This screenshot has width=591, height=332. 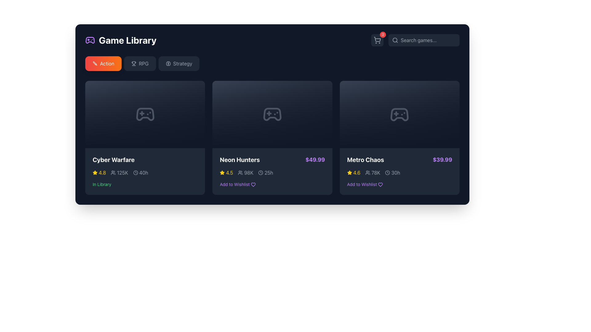 I want to click on the 'Add to Wishlist' icon for the game 'Neon Hunters', which is located at the bottom of the card in the second column, to the left of the 'Add to Wishlist' text, so click(x=253, y=184).